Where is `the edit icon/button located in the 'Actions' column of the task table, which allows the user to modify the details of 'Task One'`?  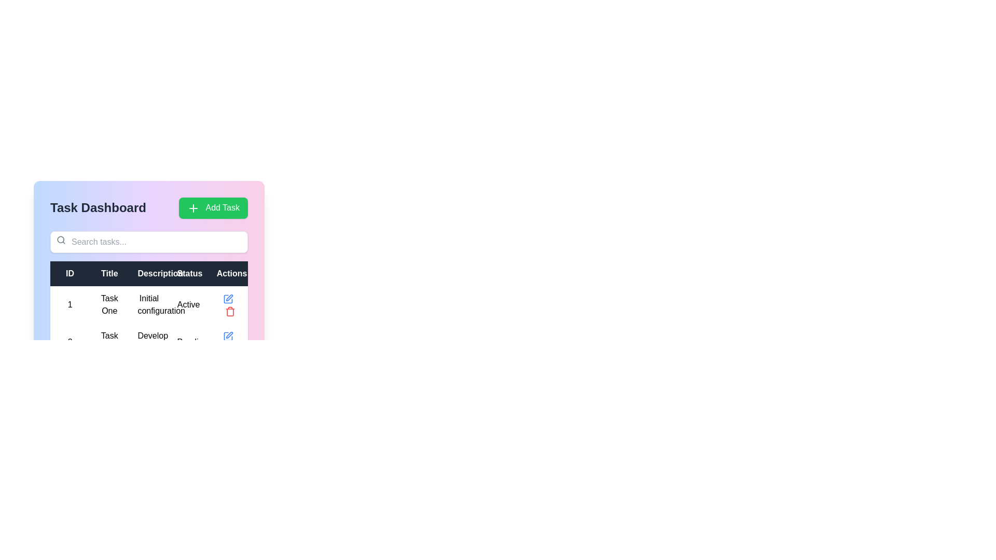
the edit icon/button located in the 'Actions' column of the task table, which allows the user to modify the details of 'Task One' is located at coordinates (227, 299).